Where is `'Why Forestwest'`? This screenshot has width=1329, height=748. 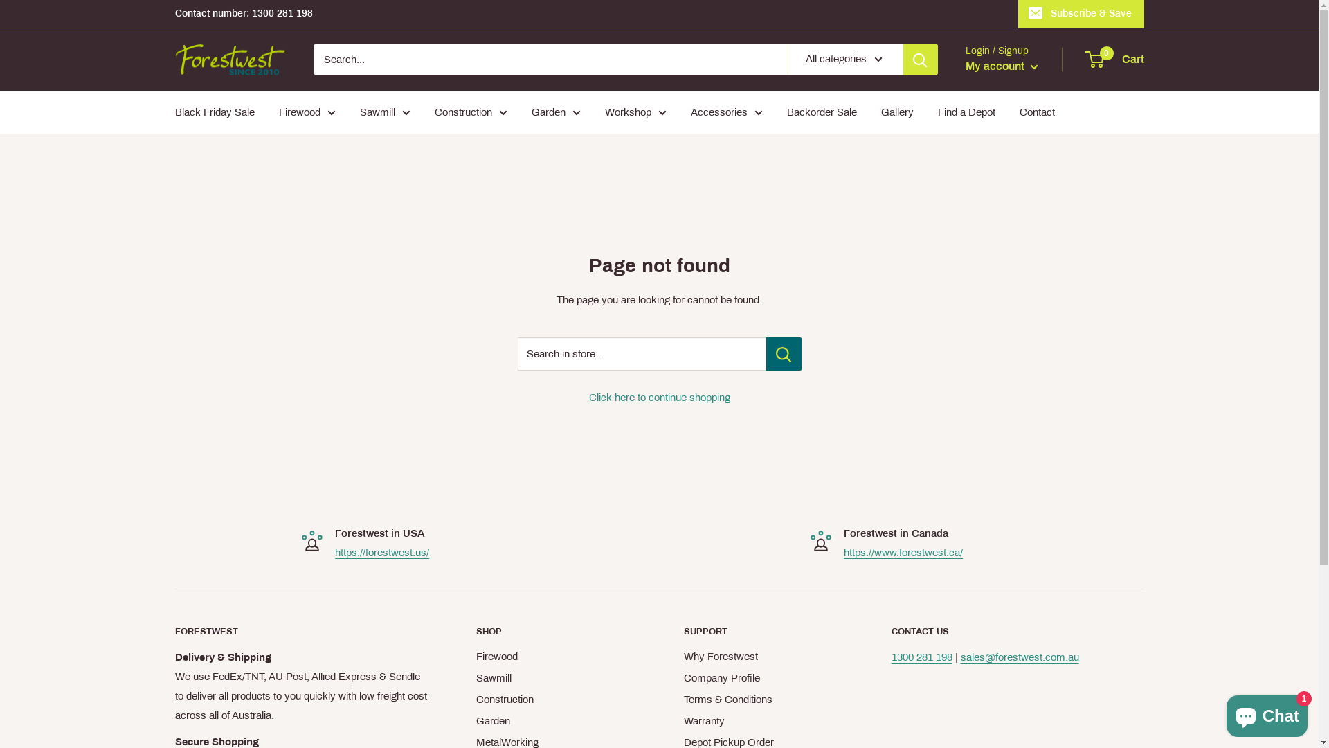 'Why Forestwest' is located at coordinates (684, 656).